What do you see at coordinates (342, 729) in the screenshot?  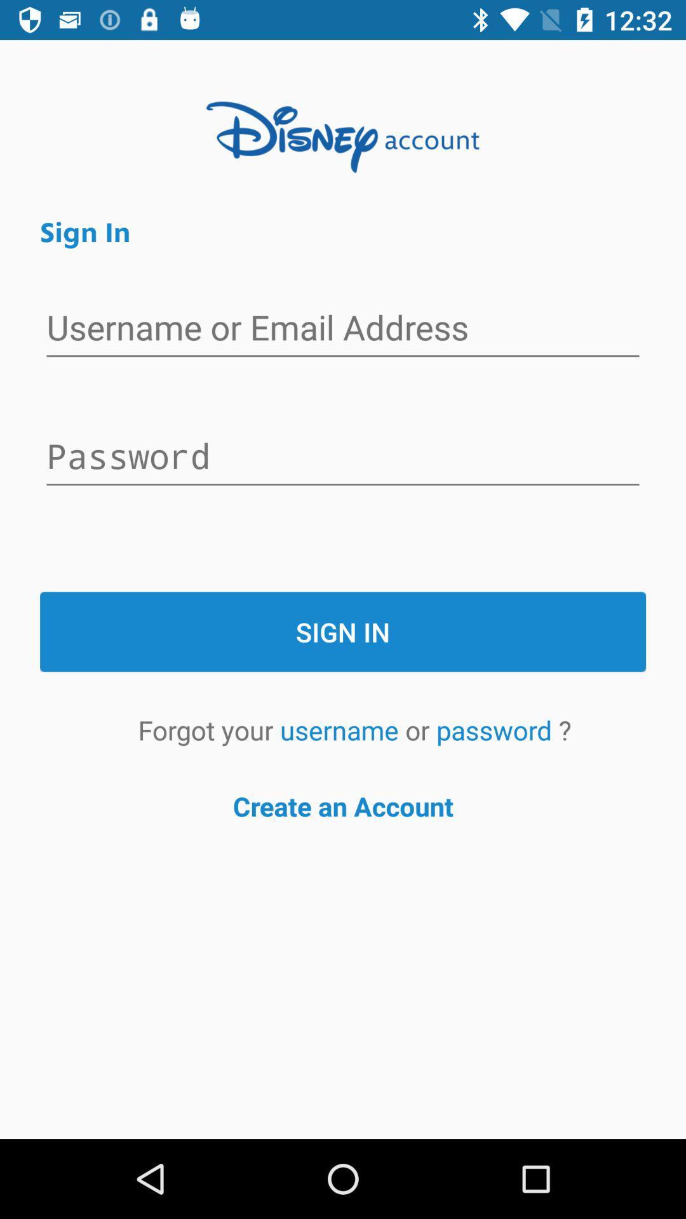 I see `the item above create an account icon` at bounding box center [342, 729].